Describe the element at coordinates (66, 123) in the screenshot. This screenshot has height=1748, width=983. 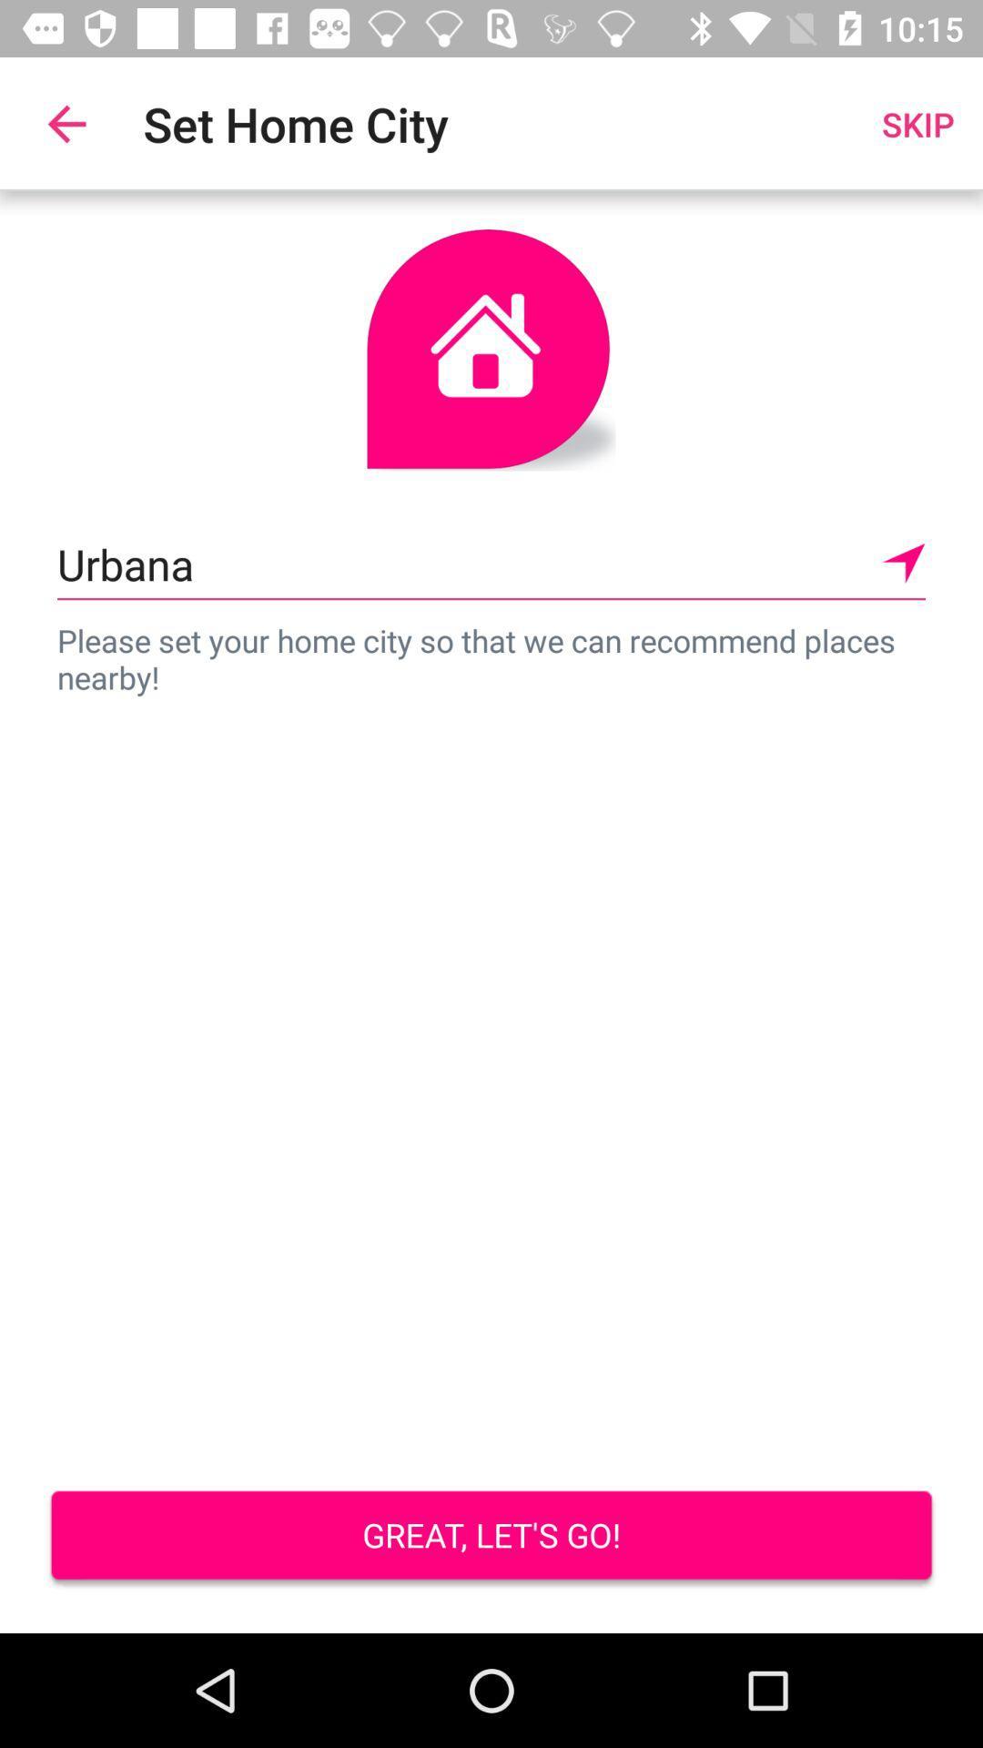
I see `icon next to set home city app` at that location.